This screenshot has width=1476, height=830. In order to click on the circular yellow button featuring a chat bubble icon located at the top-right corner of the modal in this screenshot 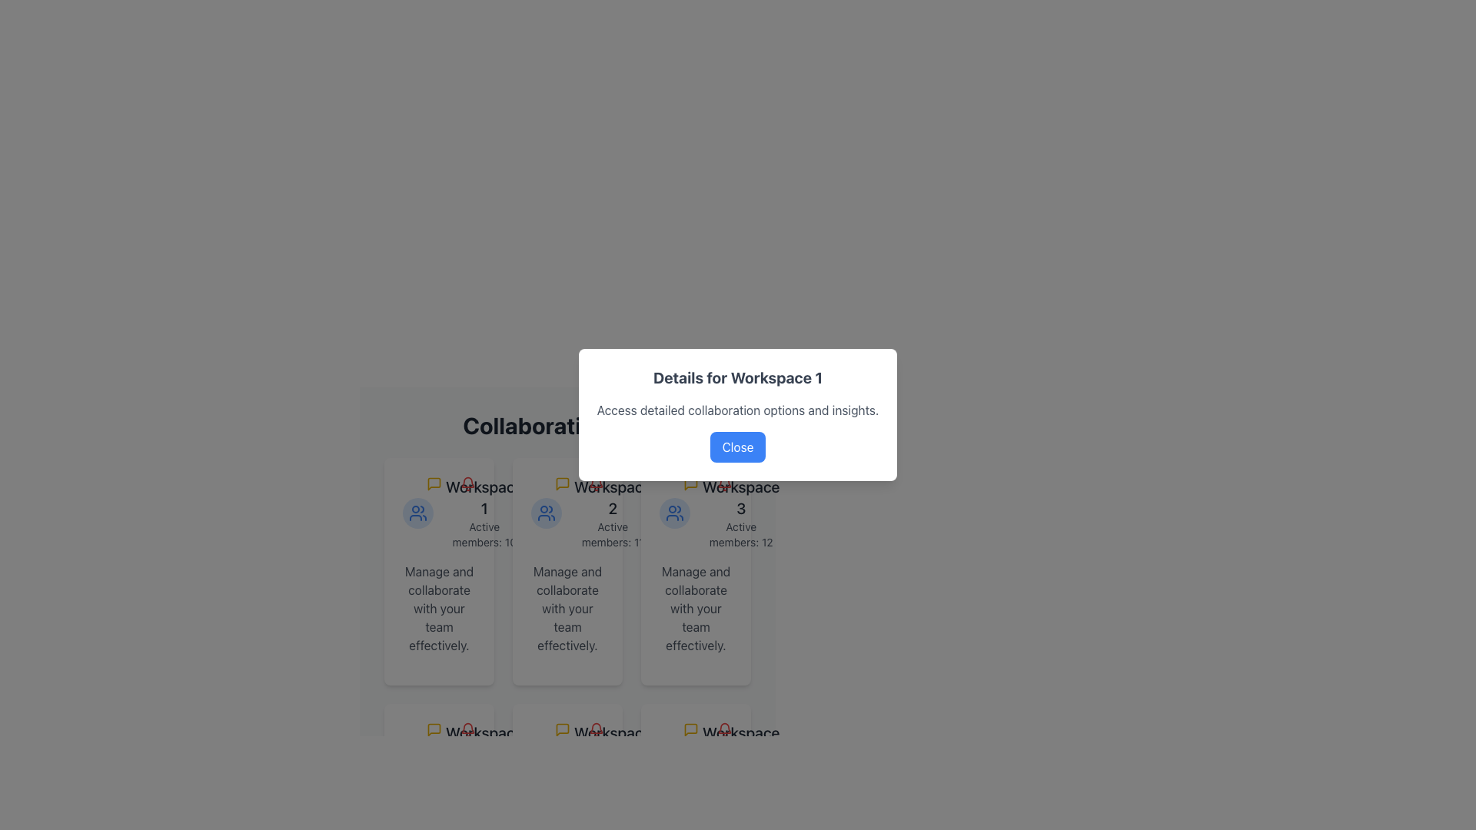, I will do `click(690, 729)`.